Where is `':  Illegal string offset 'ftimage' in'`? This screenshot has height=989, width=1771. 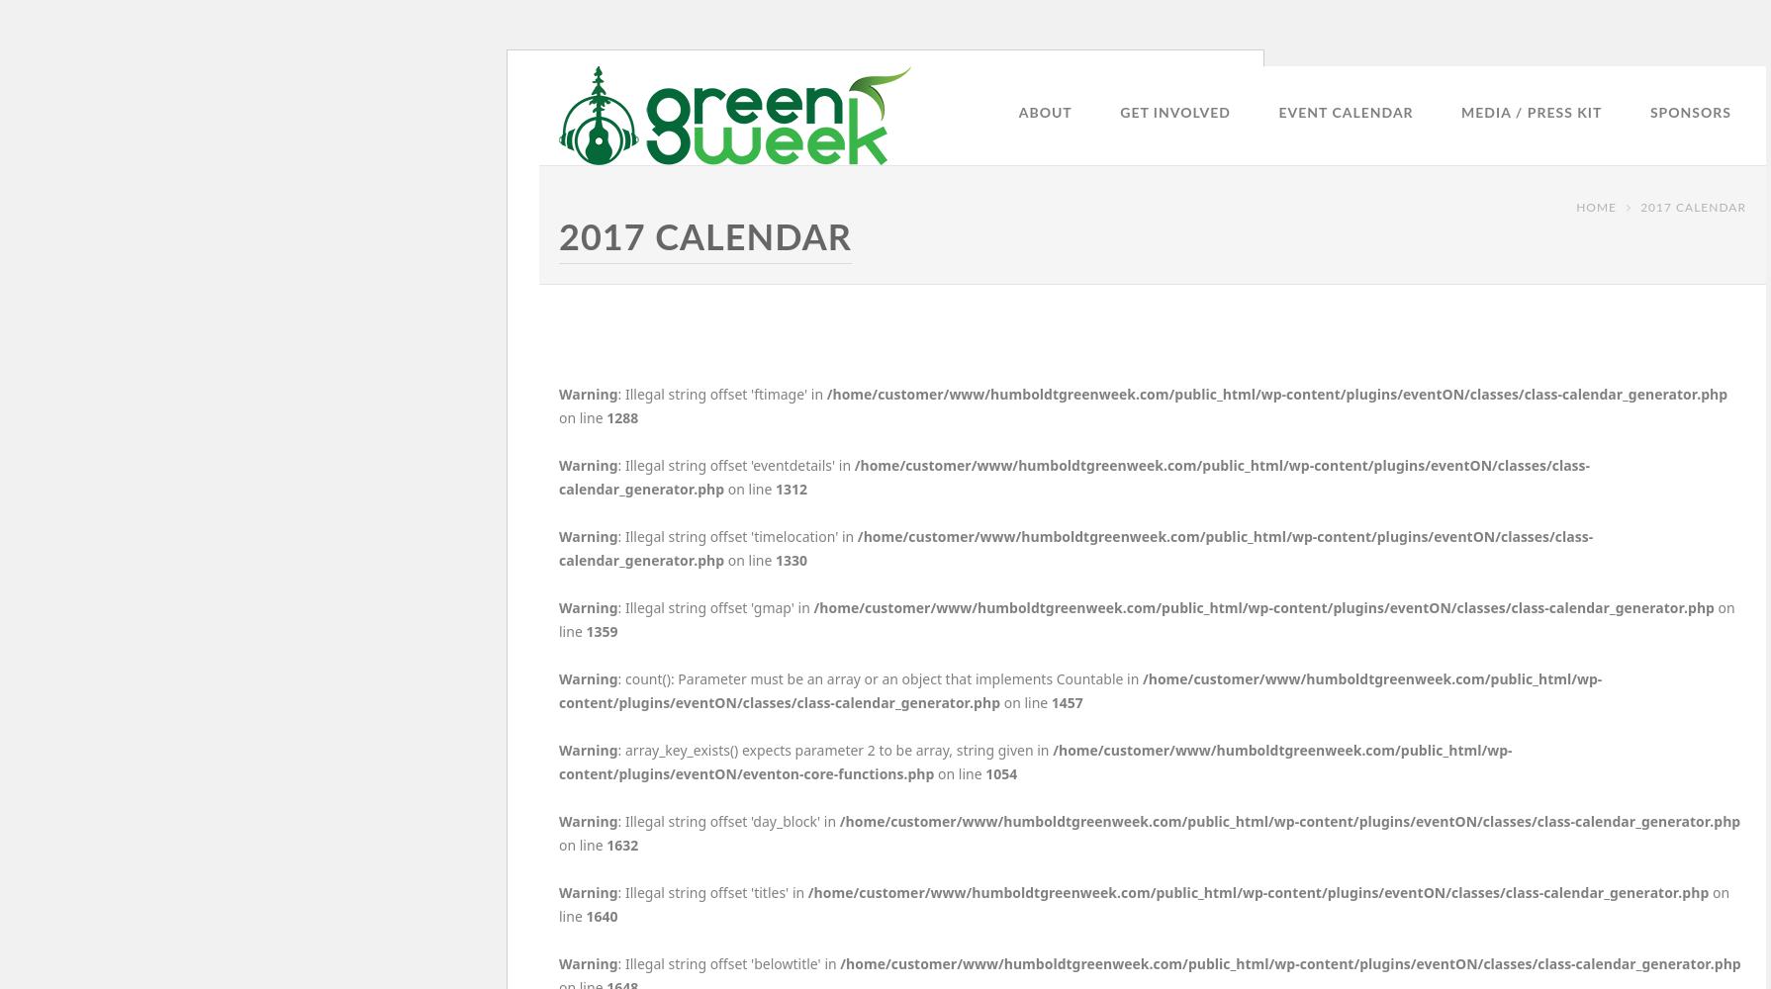
':  Illegal string offset 'ftimage' in' is located at coordinates (720, 394).